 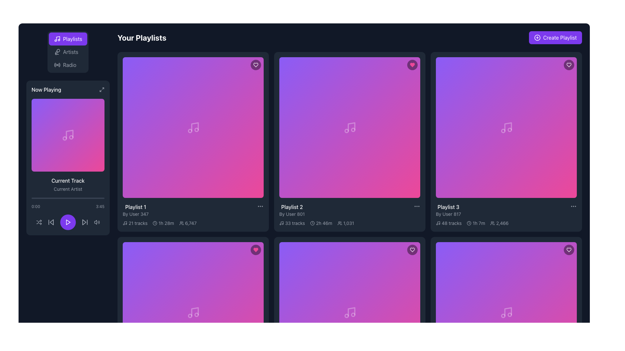 I want to click on the graphical component represented by a circle icon, which is part of the music note icon in the top-left playlist card, so click(x=189, y=131).